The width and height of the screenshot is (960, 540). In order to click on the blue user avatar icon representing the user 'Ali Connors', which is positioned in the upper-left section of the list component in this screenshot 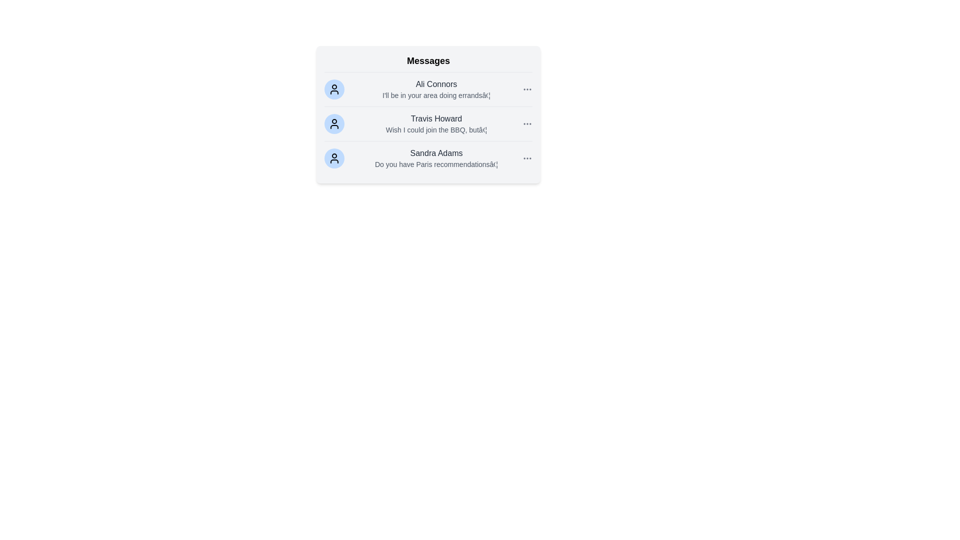, I will do `click(334, 88)`.